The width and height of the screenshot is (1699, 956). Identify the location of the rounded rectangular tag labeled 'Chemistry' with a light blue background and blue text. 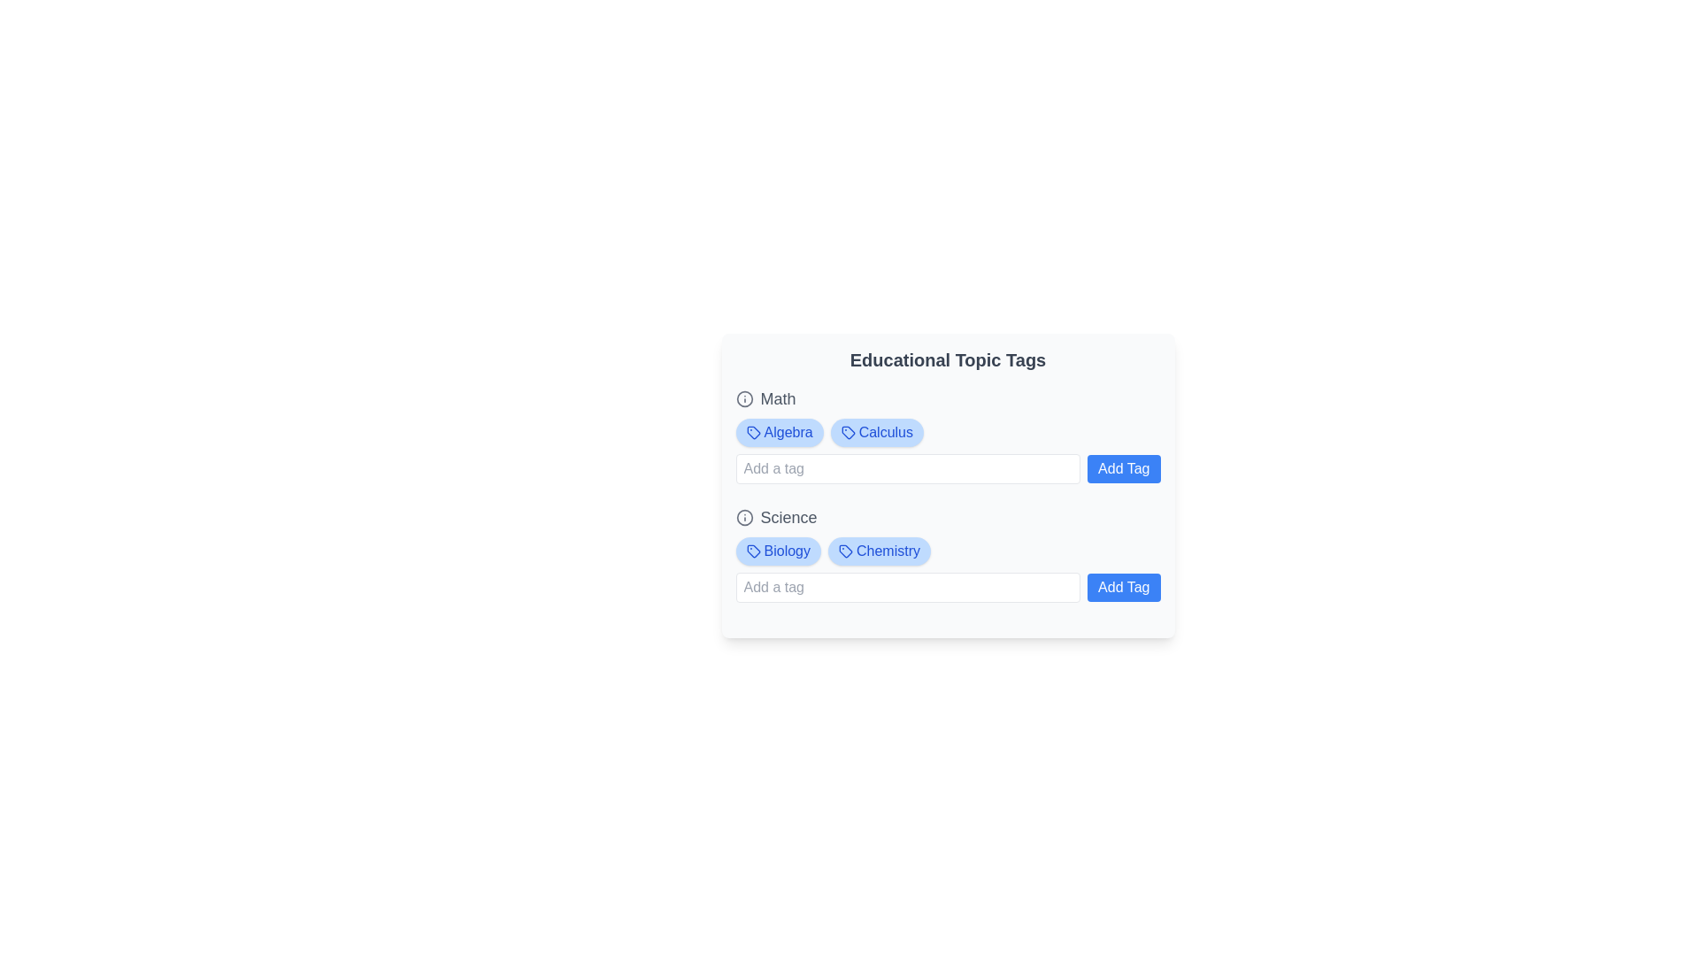
(879, 551).